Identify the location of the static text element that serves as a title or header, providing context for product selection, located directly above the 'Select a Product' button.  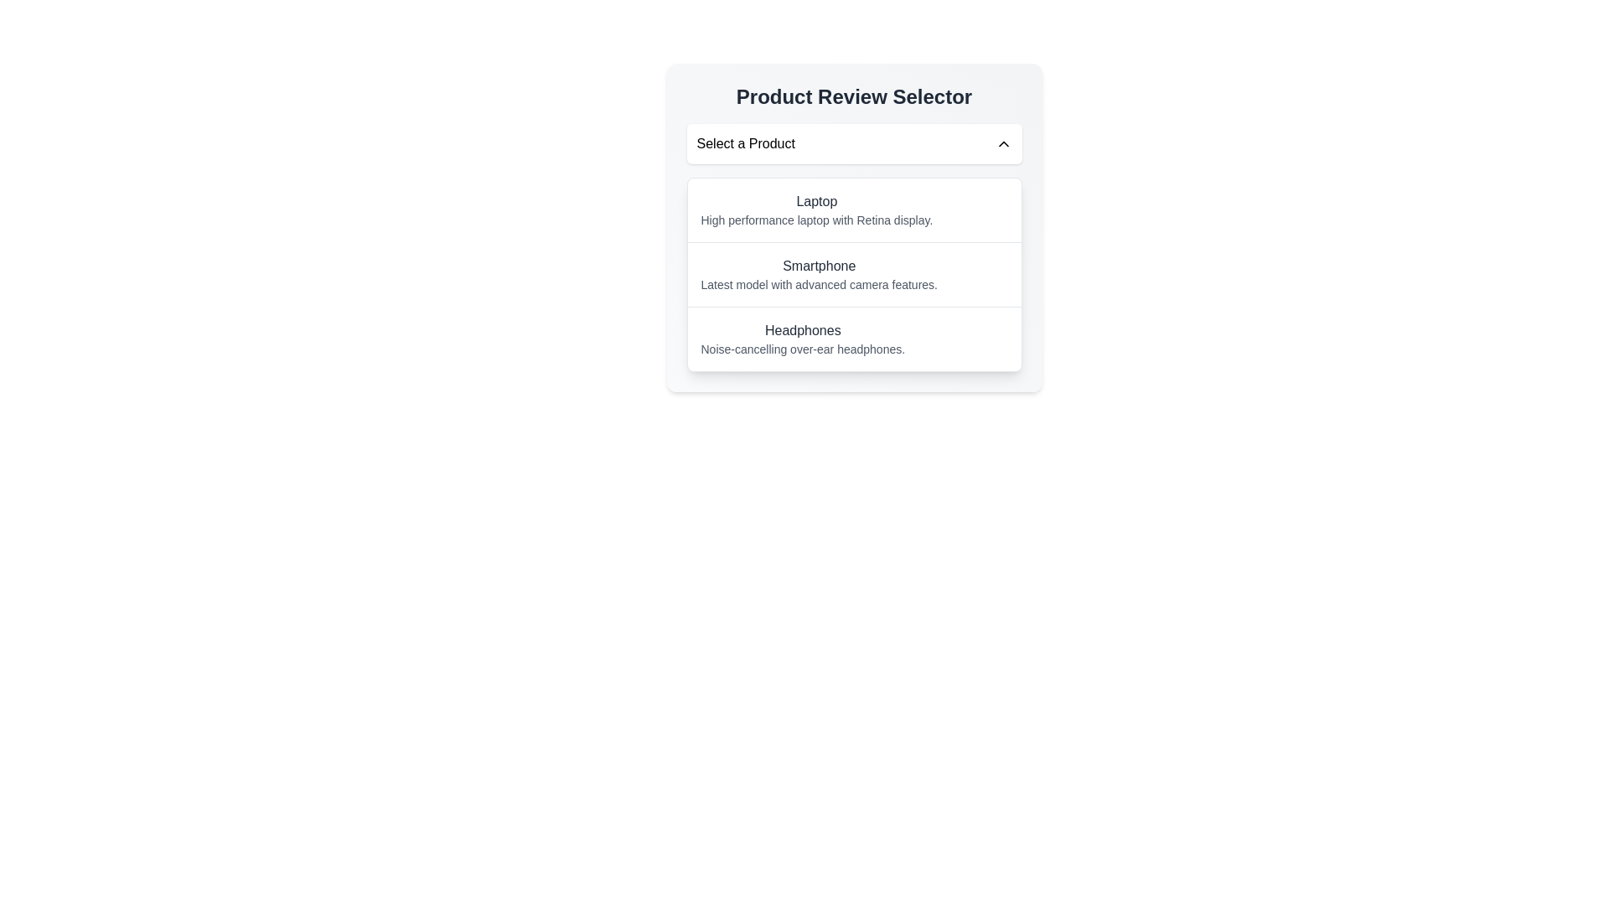
(854, 96).